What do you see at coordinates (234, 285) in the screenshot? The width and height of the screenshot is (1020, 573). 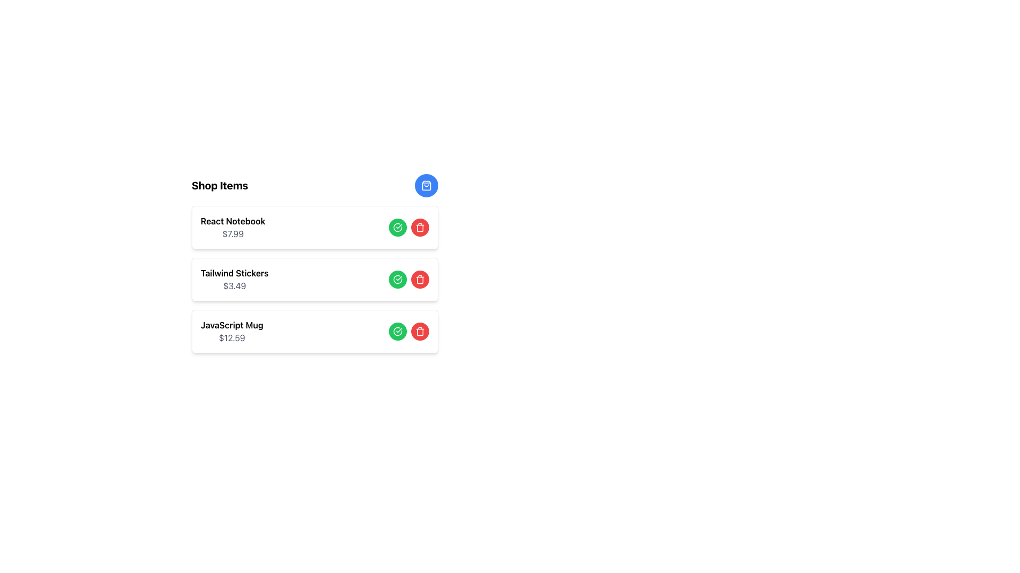 I see `the static text displaying the price of 'Tailwind Stickers', which is located directly below the product label in the second item slot of the list` at bounding box center [234, 285].